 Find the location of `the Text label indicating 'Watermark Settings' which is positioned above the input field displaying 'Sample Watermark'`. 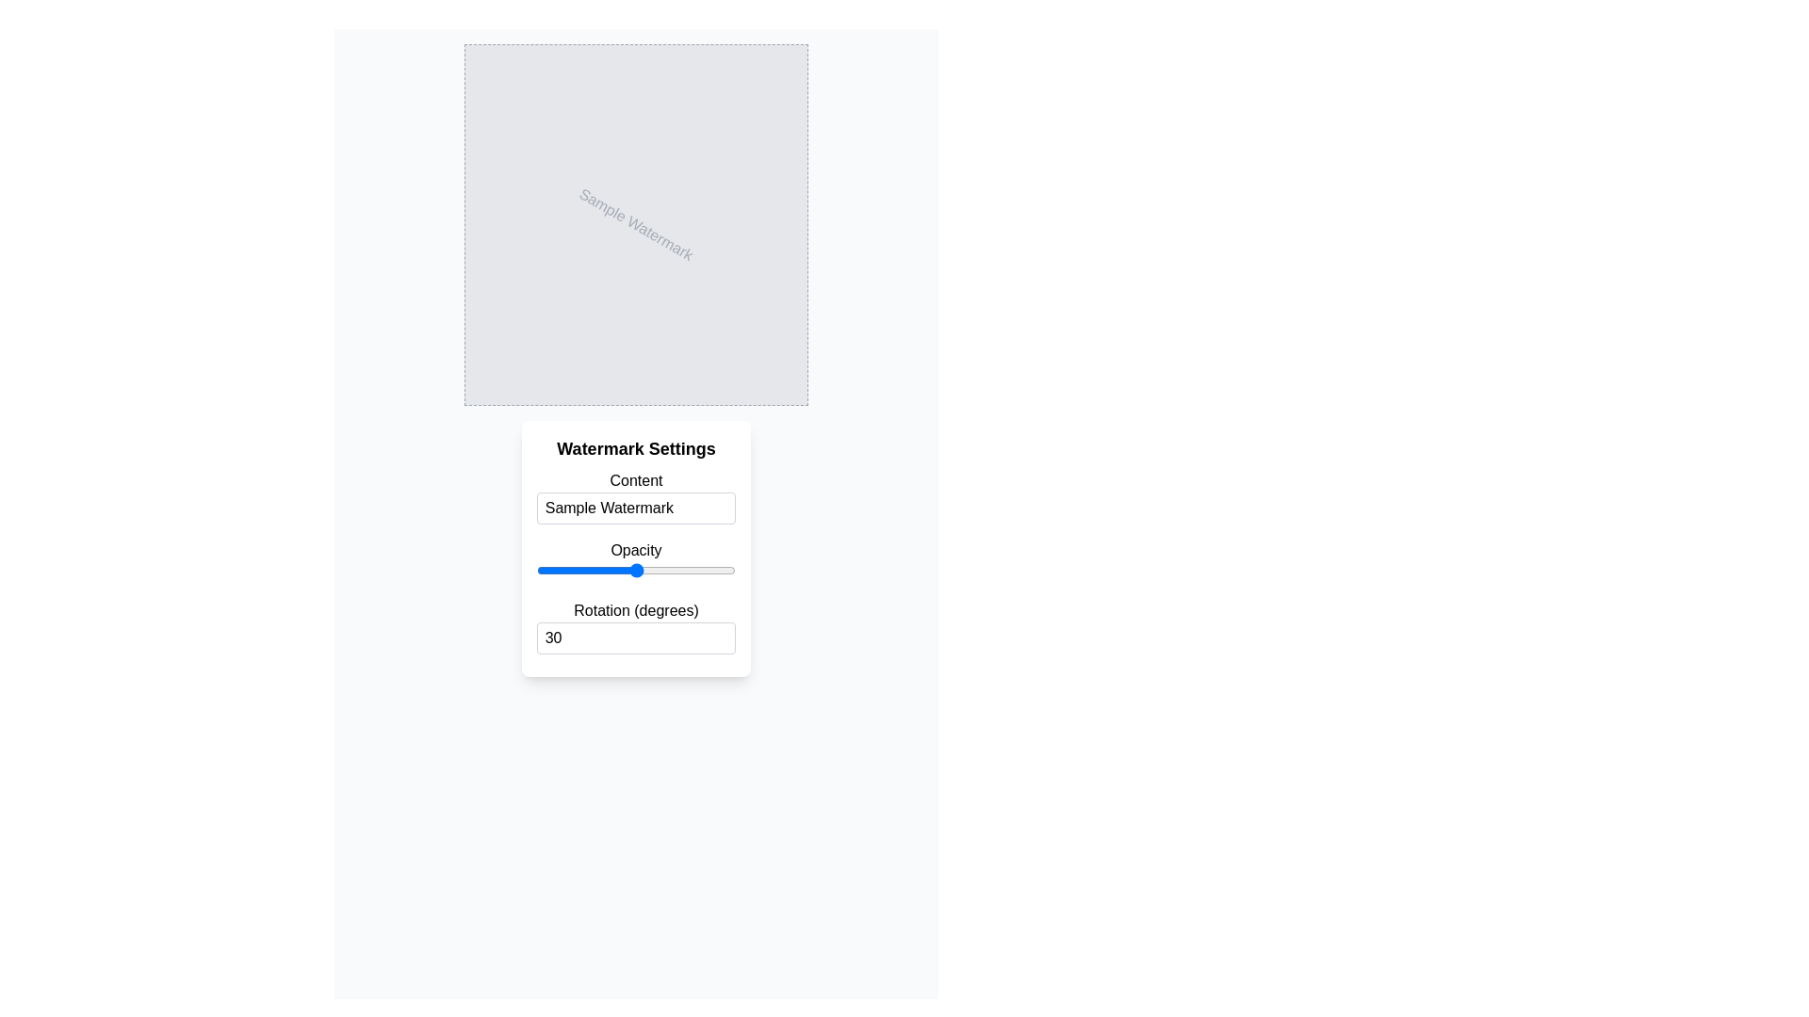

the Text label indicating 'Watermark Settings' which is positioned above the input field displaying 'Sample Watermark' is located at coordinates (636, 479).